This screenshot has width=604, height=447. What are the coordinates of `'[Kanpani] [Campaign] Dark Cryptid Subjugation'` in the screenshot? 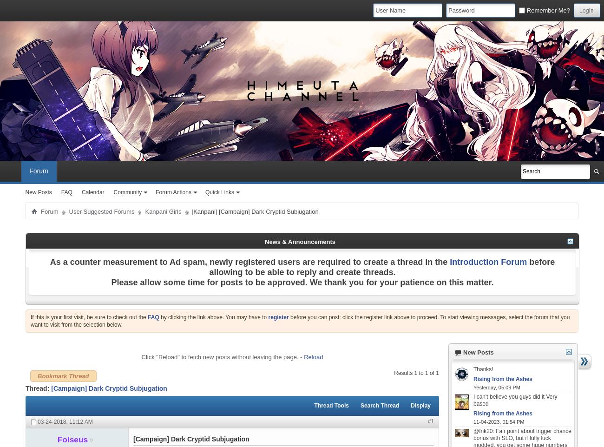 It's located at (254, 211).